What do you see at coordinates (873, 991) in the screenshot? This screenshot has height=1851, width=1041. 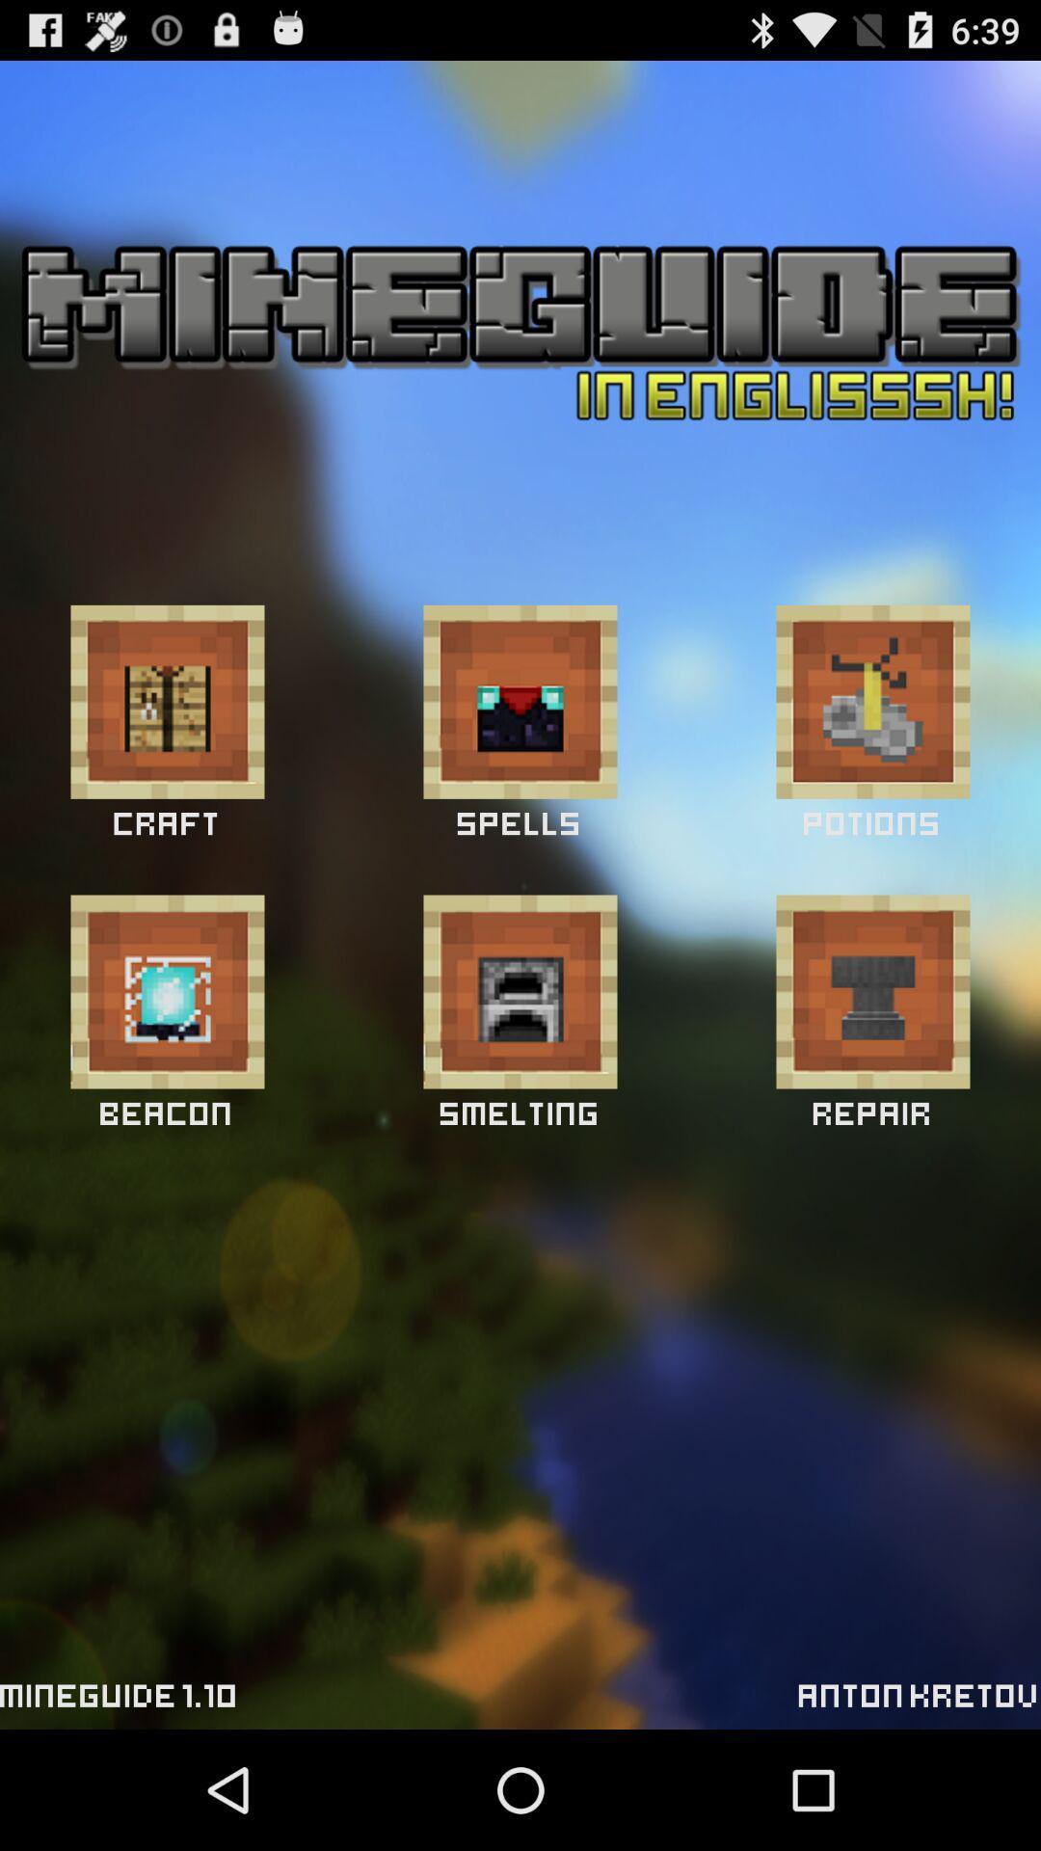 I see `craft item` at bounding box center [873, 991].